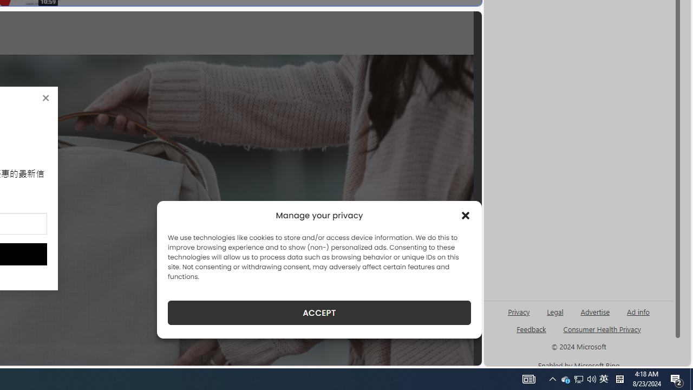  What do you see at coordinates (319, 313) in the screenshot?
I see `'ACCEPT'` at bounding box center [319, 313].